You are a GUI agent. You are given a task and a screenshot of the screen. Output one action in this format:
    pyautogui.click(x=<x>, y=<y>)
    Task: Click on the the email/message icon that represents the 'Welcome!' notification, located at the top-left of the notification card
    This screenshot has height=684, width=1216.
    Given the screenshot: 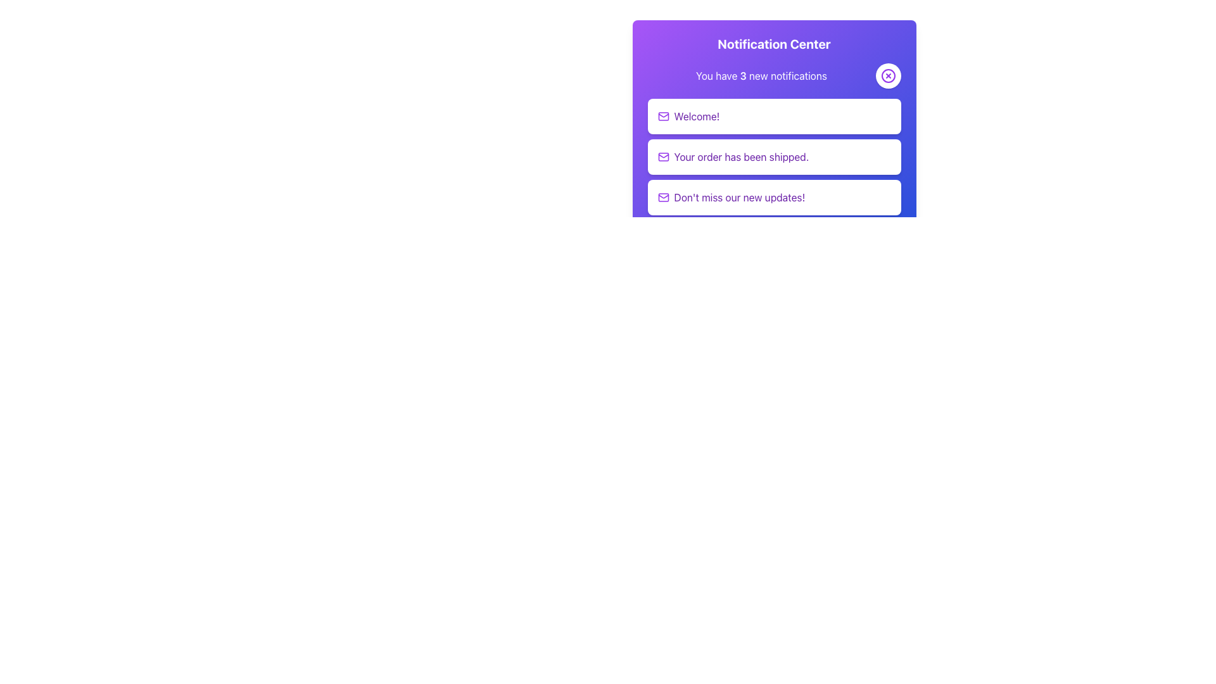 What is the action you would take?
    pyautogui.click(x=662, y=117)
    